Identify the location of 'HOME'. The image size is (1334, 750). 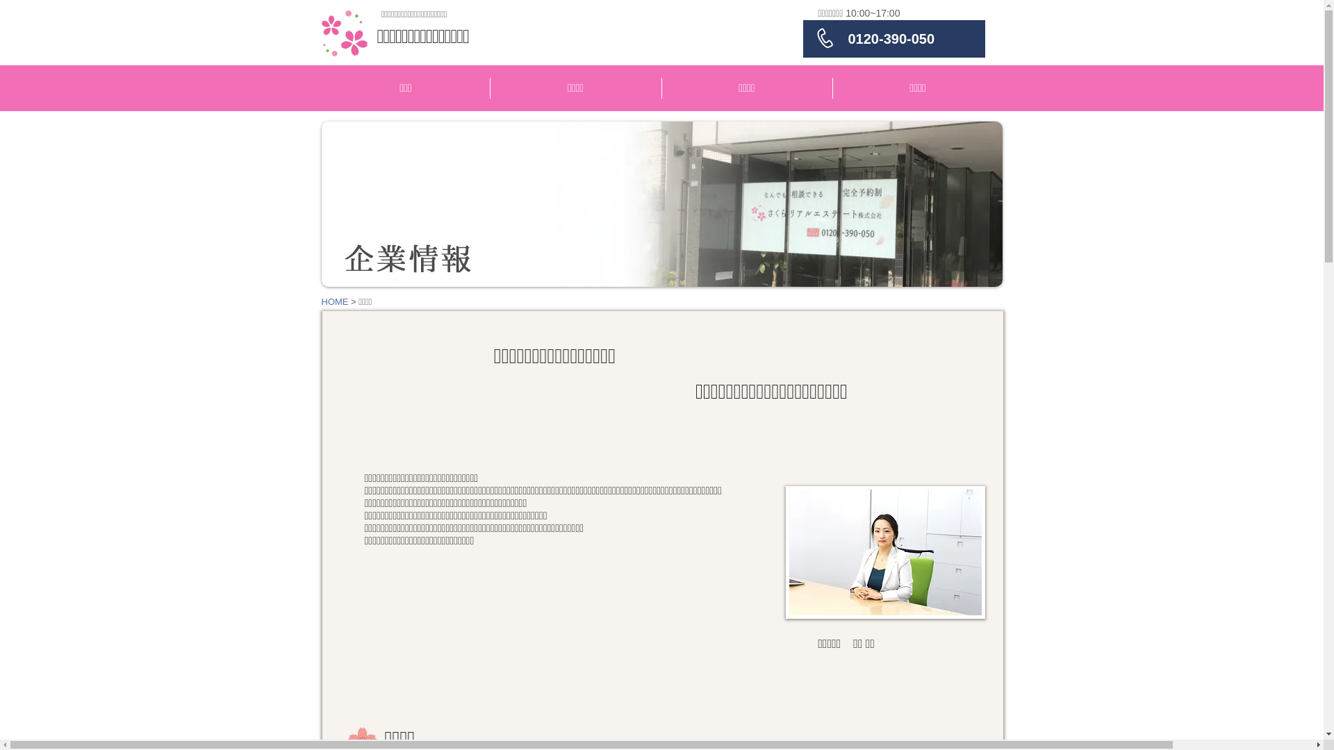
(334, 301).